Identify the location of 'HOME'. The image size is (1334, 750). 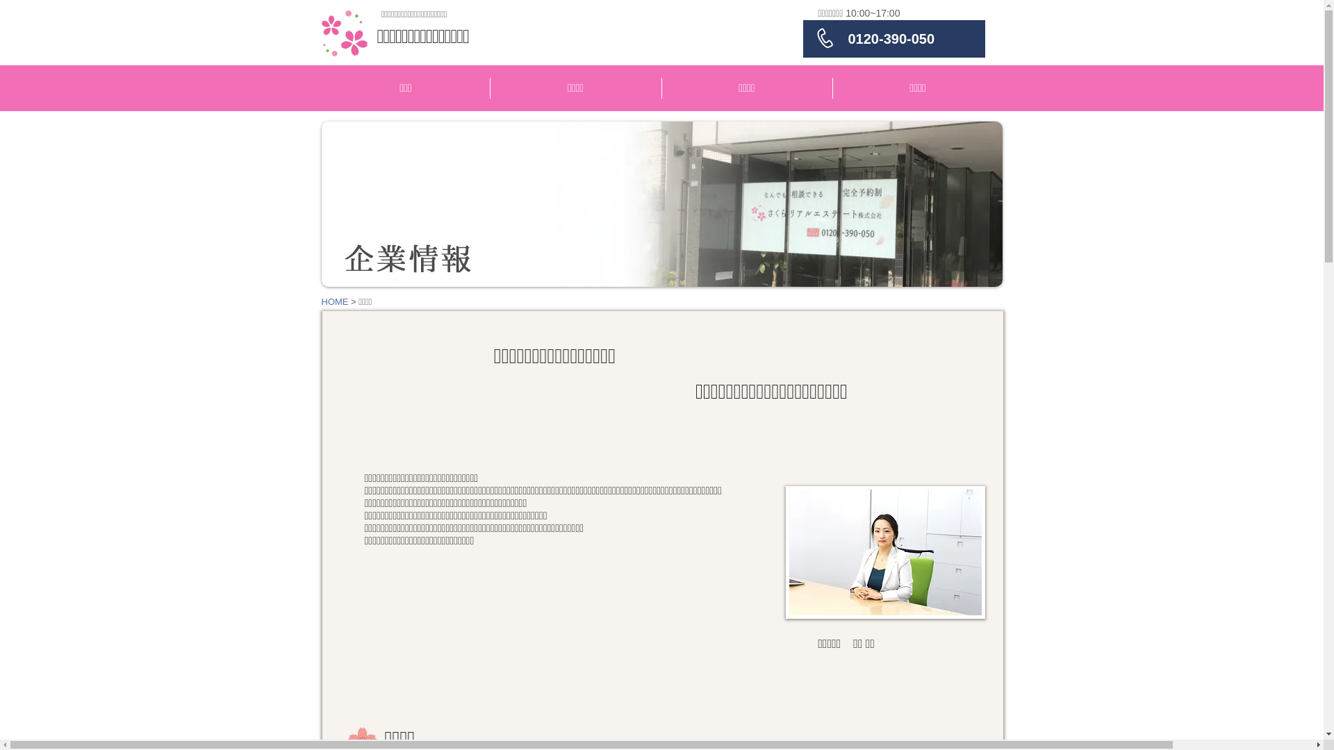
(334, 301).